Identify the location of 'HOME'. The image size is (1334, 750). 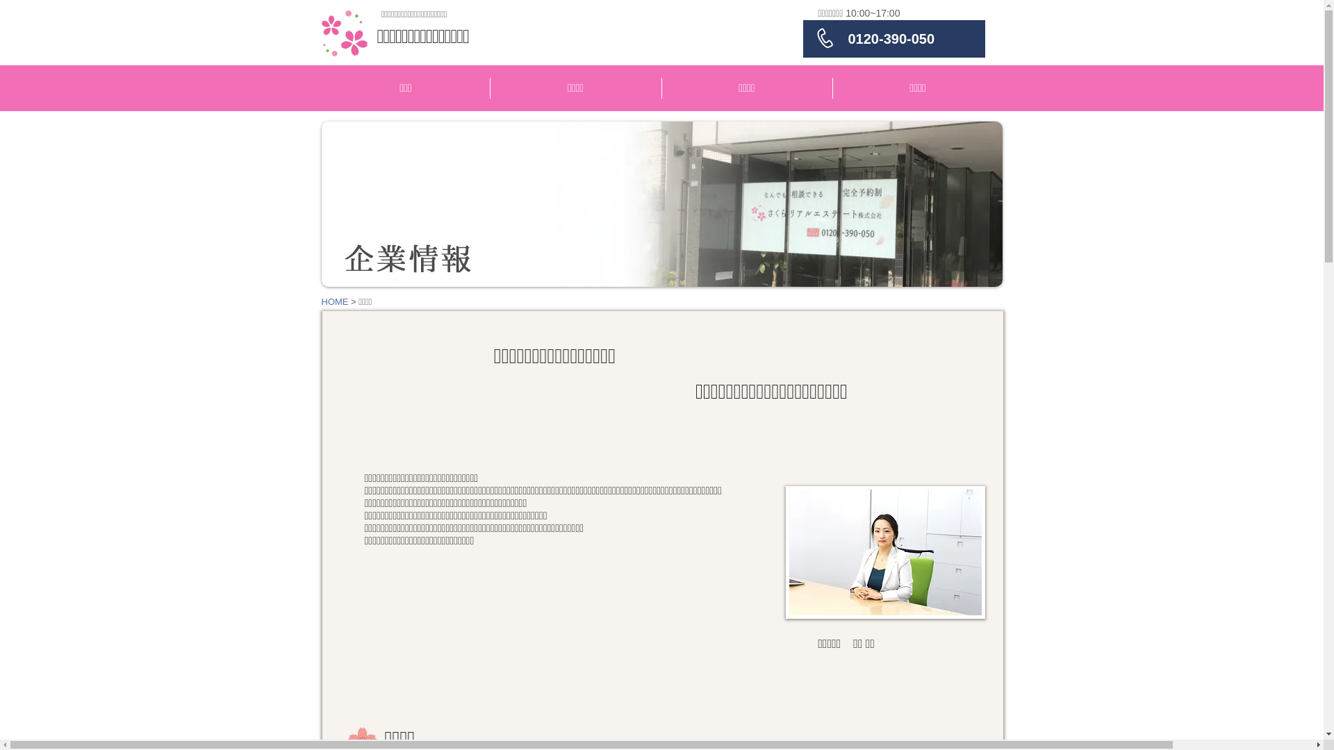
(334, 301).